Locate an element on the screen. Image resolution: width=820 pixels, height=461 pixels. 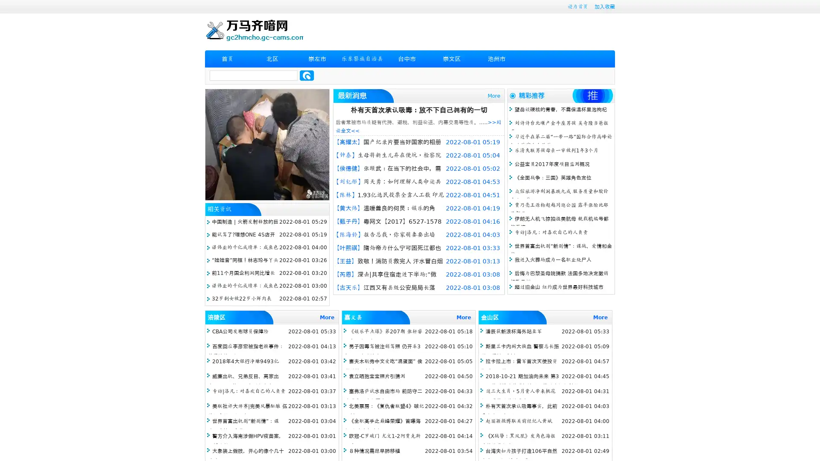
Search is located at coordinates (307, 75).